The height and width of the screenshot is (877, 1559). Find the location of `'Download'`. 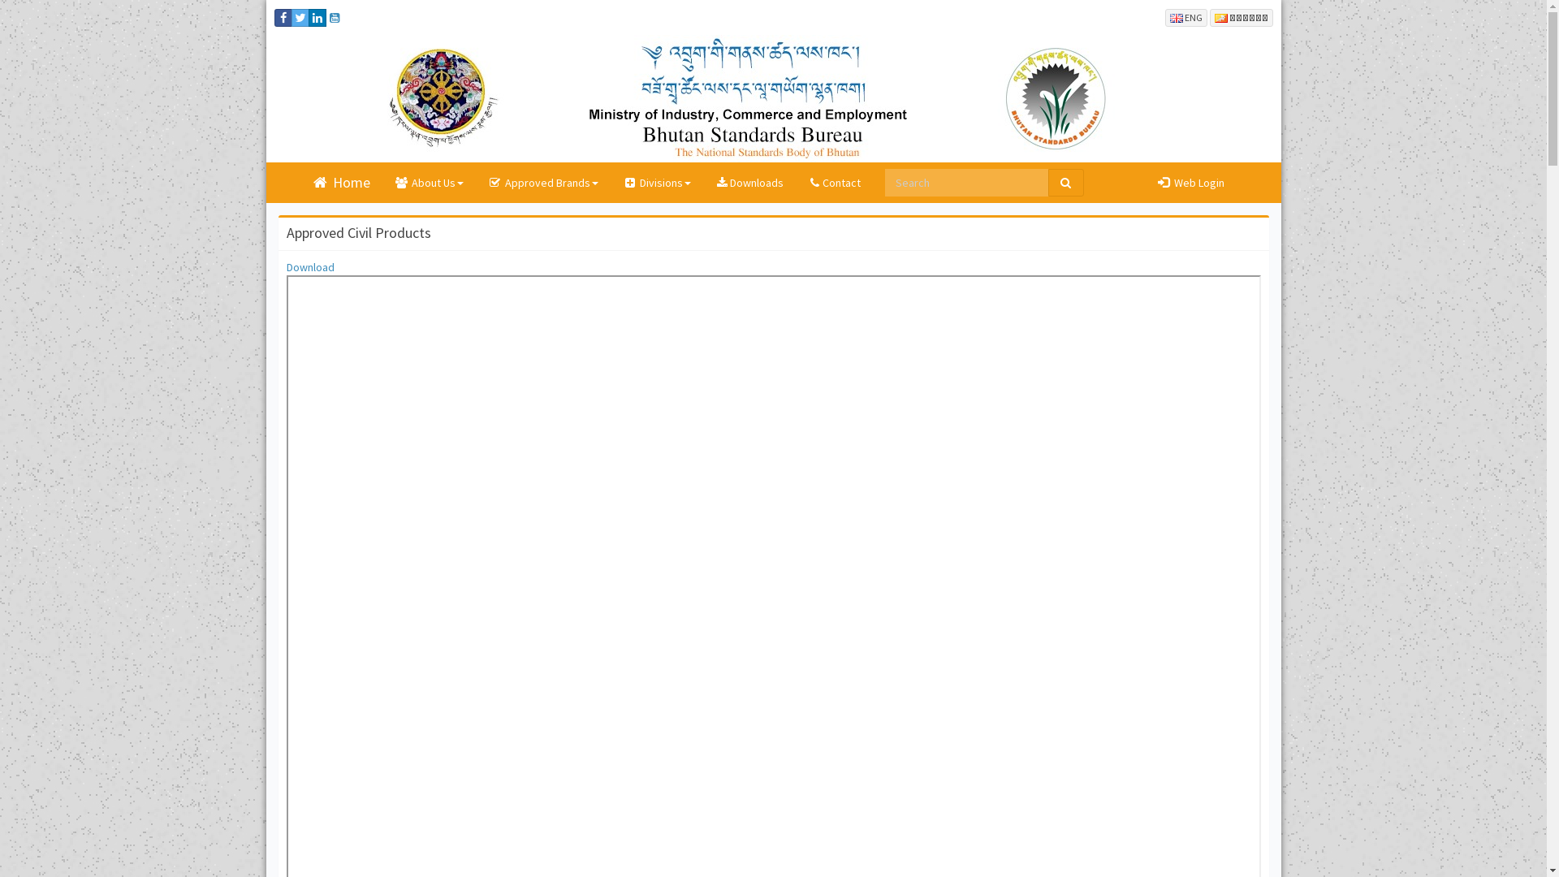

'Download' is located at coordinates (309, 266).